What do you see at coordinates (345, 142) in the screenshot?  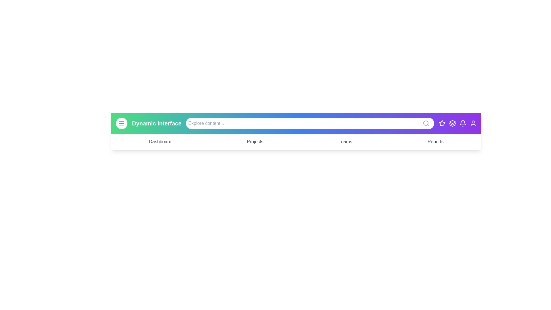 I see `the menu item Teams to navigate to its corresponding section` at bounding box center [345, 142].